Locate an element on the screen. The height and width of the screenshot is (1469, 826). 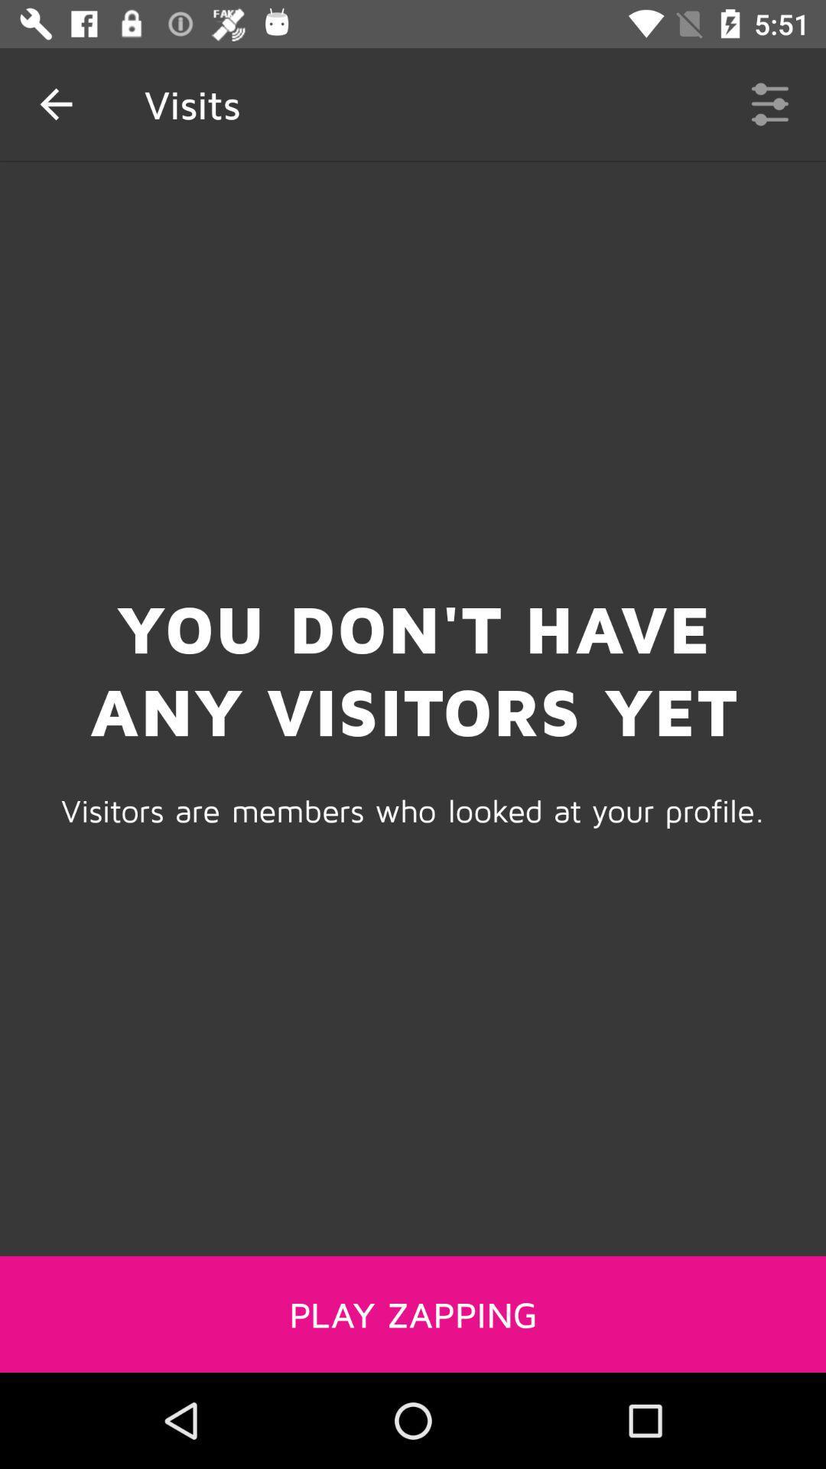
the play zapping item is located at coordinates (413, 1313).